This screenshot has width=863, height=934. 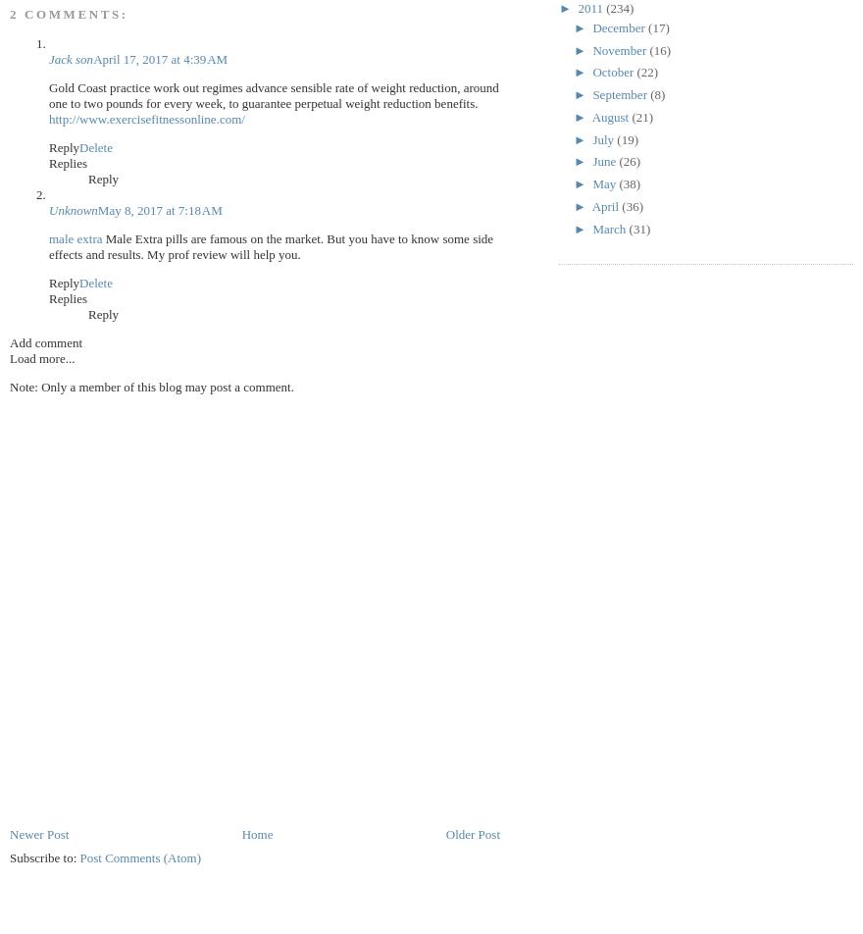 What do you see at coordinates (614, 72) in the screenshot?
I see `'October'` at bounding box center [614, 72].